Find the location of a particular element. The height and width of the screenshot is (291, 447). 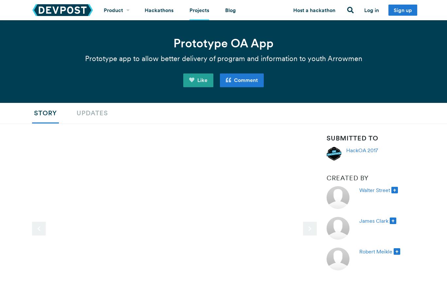

'Comment' is located at coordinates (245, 79).